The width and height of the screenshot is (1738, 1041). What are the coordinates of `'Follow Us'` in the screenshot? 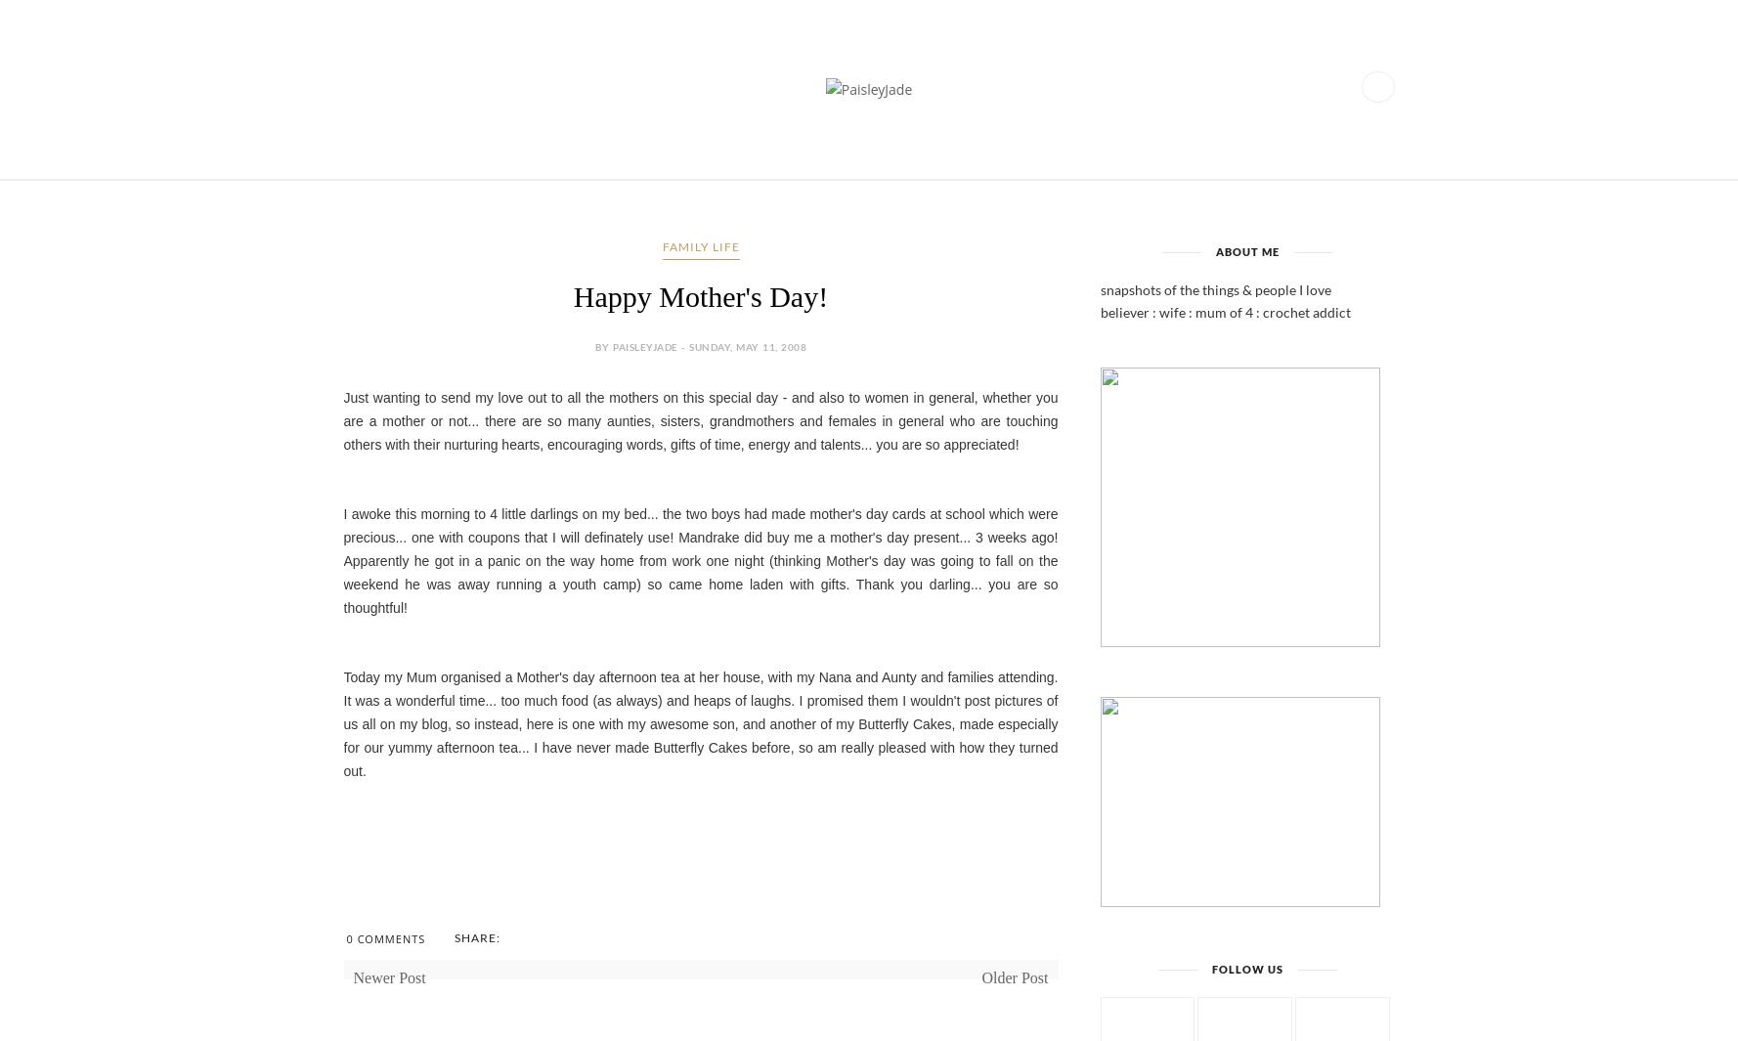 It's located at (1246, 969).